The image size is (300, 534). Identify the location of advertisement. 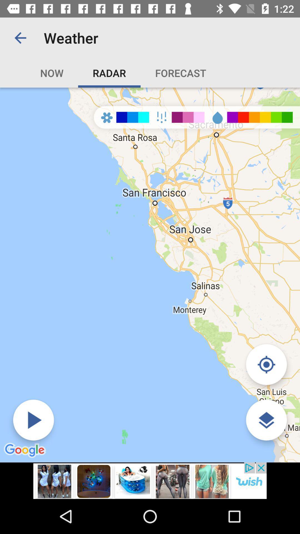
(150, 480).